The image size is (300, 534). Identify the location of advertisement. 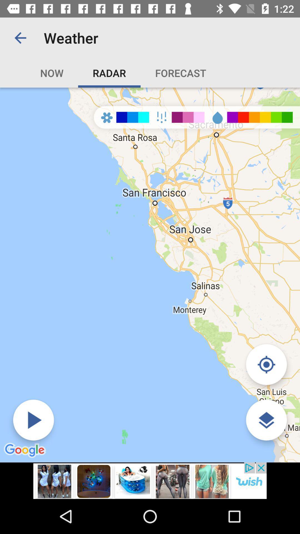
(150, 480).